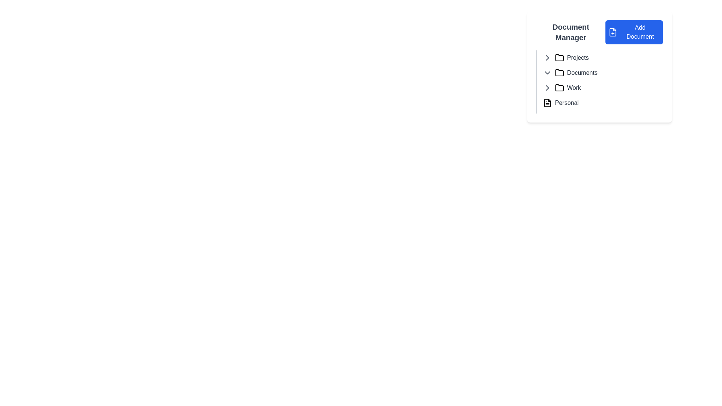  I want to click on the 'Work' folder item located within the 'Documents' section of the Document Manager, so click(603, 88).